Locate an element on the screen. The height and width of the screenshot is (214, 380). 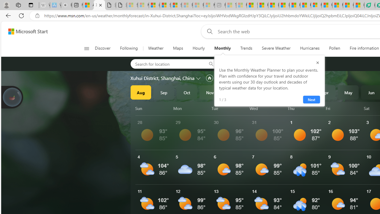
'Severe Weather' is located at coordinates (276, 48).